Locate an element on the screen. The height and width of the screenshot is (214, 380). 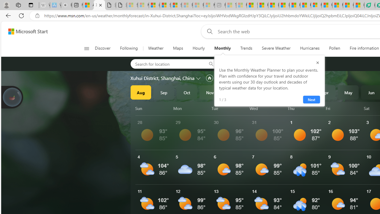
'Severe Weather' is located at coordinates (276, 48).